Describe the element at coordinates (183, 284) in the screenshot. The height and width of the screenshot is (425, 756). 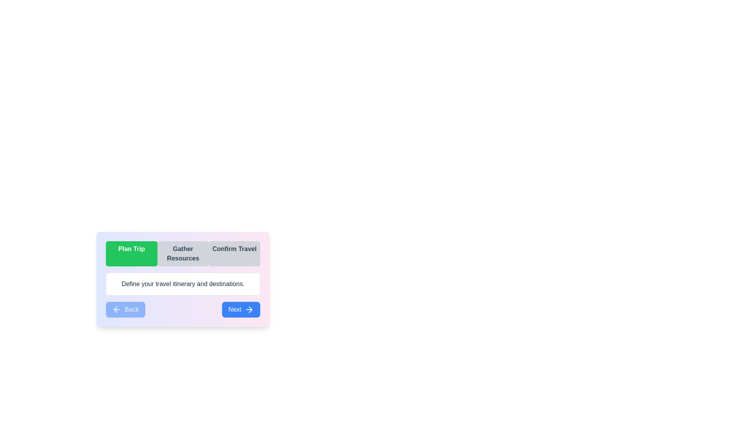
I see `the instructional text located centrally within the white rectangular section of the interface, which is positioned below the tab-like buttons labeled 'Plan Trip', 'Gather Resources', and 'Confirm Travel'` at that location.